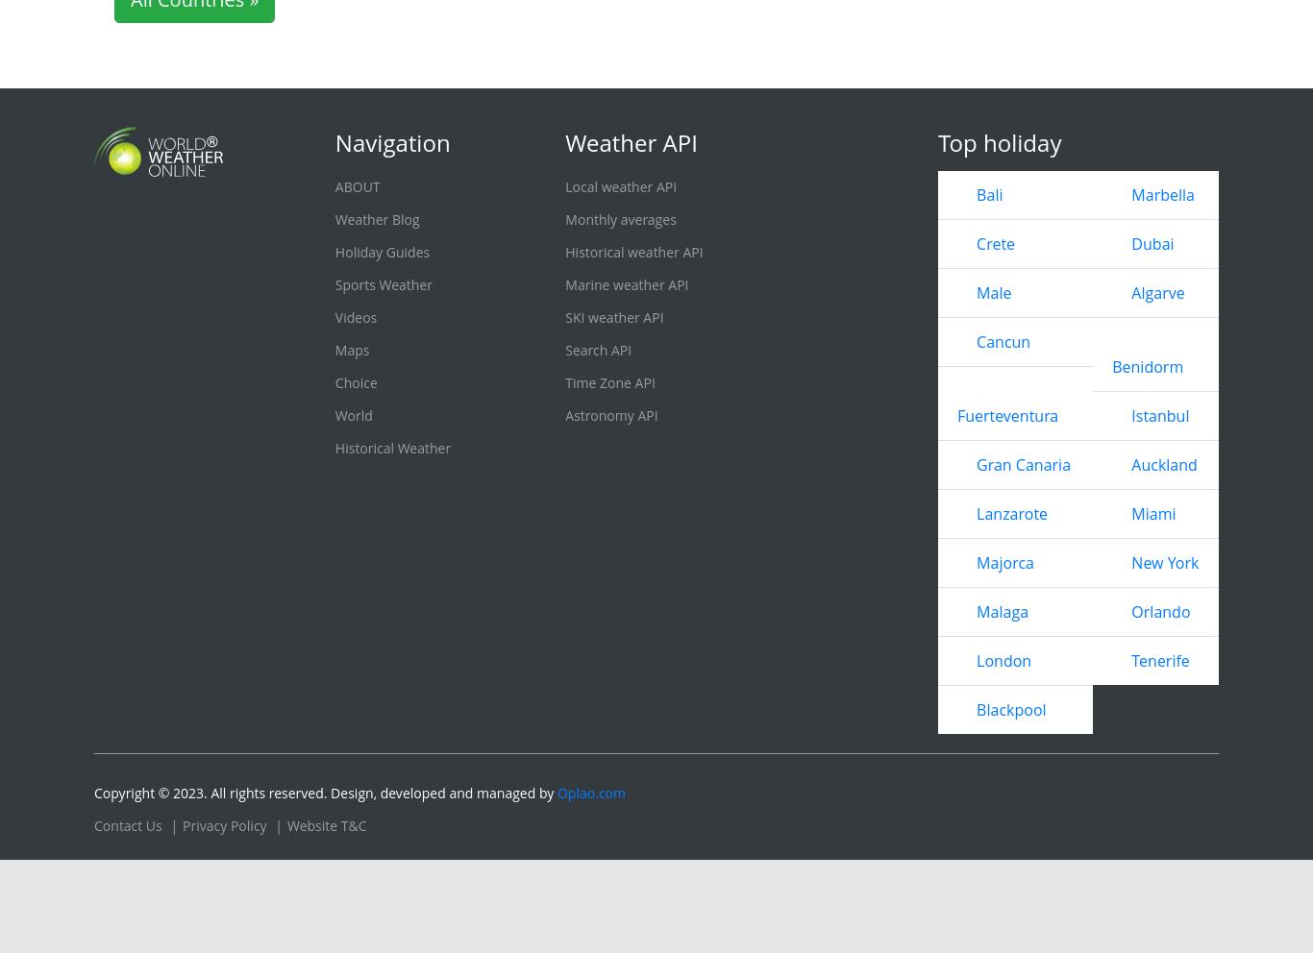 This screenshot has height=953, width=1313. What do you see at coordinates (325, 792) in the screenshot?
I see `'Copyright © 2023. All rights reserved. Design, developed and managed by'` at bounding box center [325, 792].